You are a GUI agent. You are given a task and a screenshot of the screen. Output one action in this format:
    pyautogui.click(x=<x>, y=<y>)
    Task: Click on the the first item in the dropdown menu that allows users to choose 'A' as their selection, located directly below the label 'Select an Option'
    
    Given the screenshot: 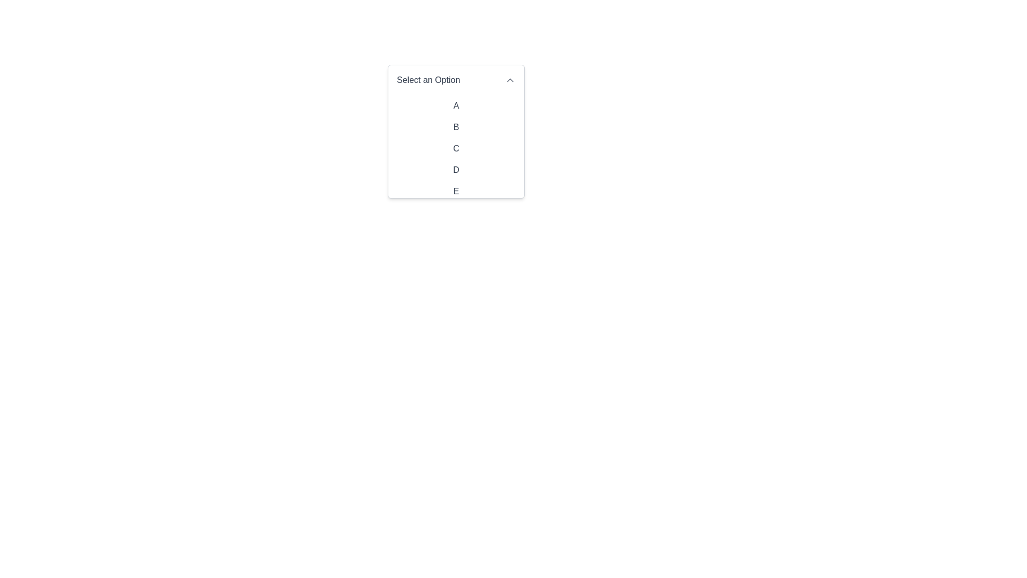 What is the action you would take?
    pyautogui.click(x=456, y=105)
    